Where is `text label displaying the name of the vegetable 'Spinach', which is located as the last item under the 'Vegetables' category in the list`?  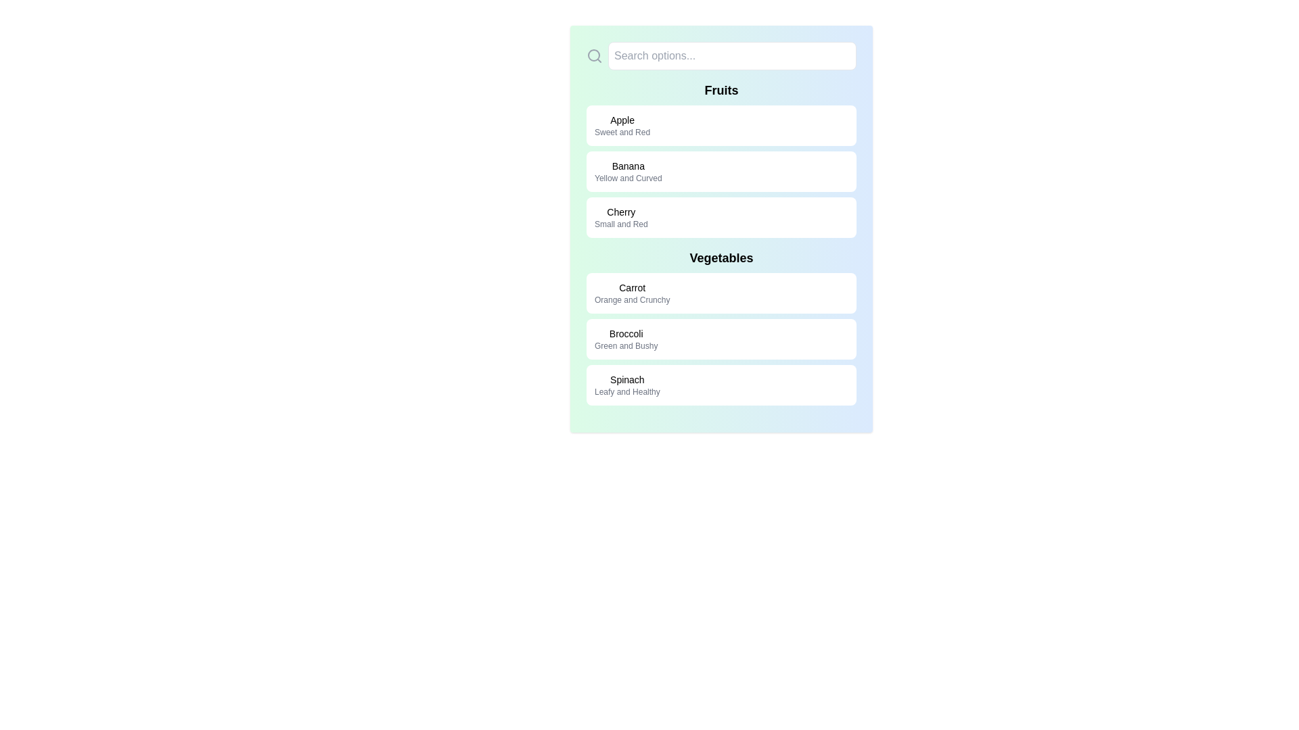
text label displaying the name of the vegetable 'Spinach', which is located as the last item under the 'Vegetables' category in the list is located at coordinates (626, 380).